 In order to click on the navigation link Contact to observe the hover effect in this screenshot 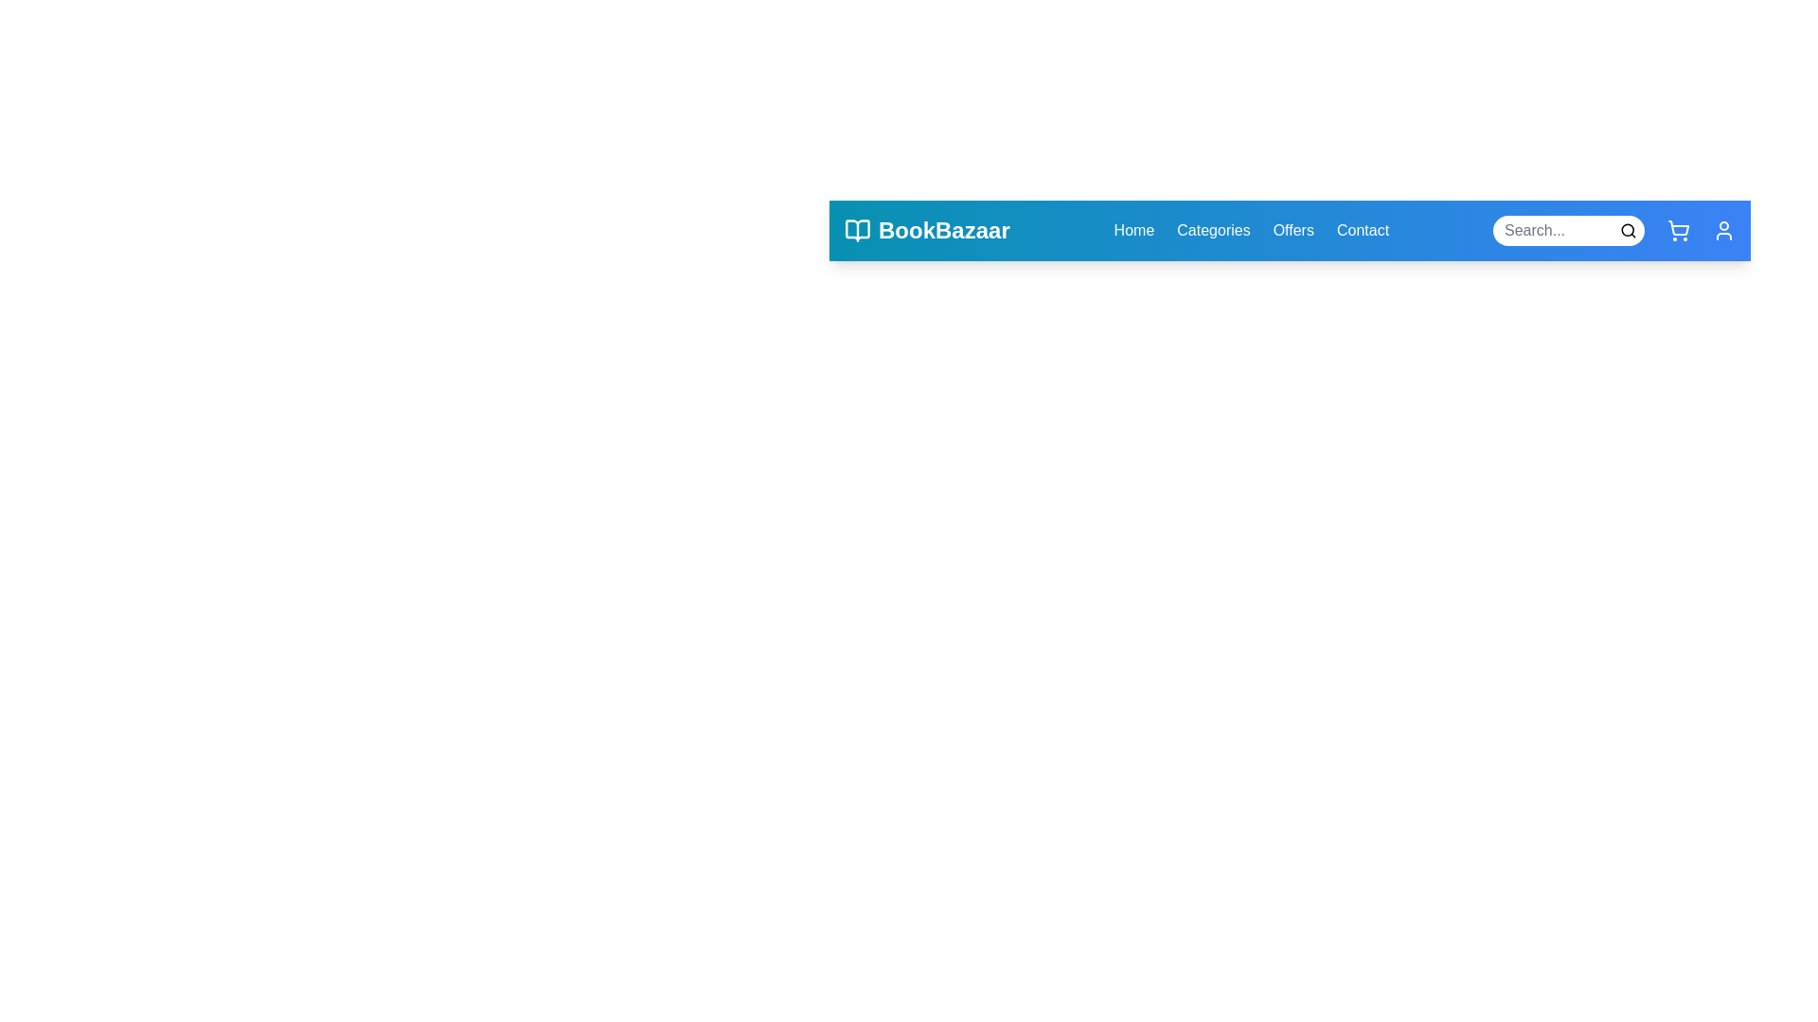, I will do `click(1362, 229)`.